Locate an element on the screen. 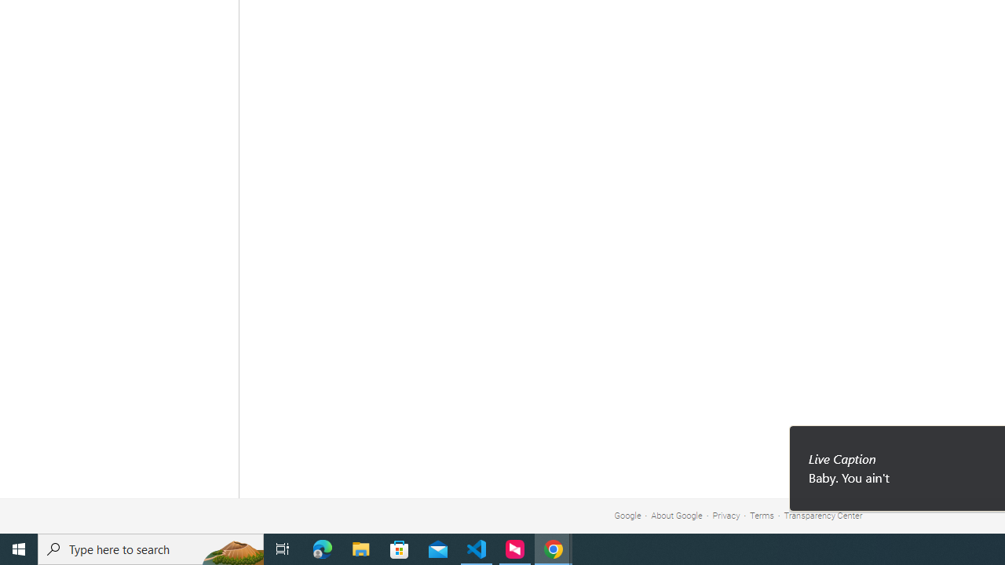 This screenshot has height=565, width=1005. 'Transparency Center' is located at coordinates (822, 516).